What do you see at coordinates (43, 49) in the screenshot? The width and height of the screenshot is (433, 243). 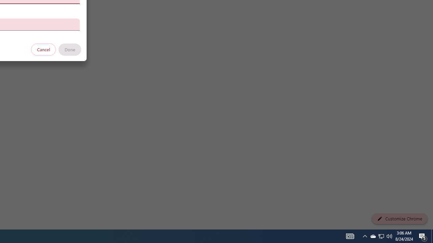 I see `'Cancel'` at bounding box center [43, 49].